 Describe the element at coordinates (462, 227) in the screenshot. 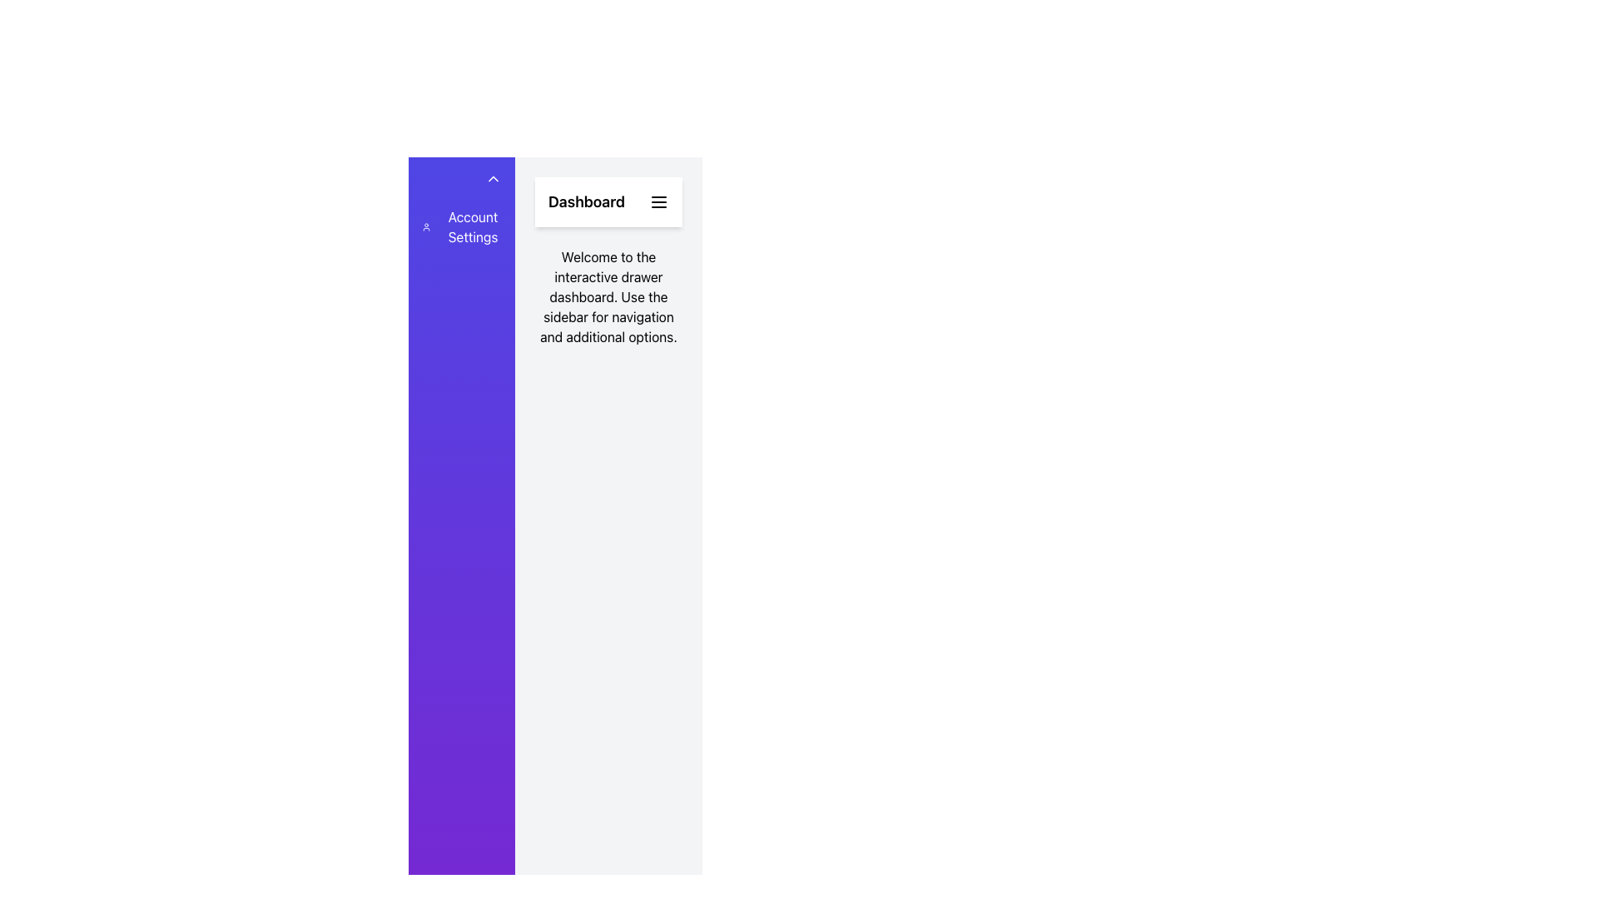

I see `the navigational button for 'Account Settings' located` at that location.